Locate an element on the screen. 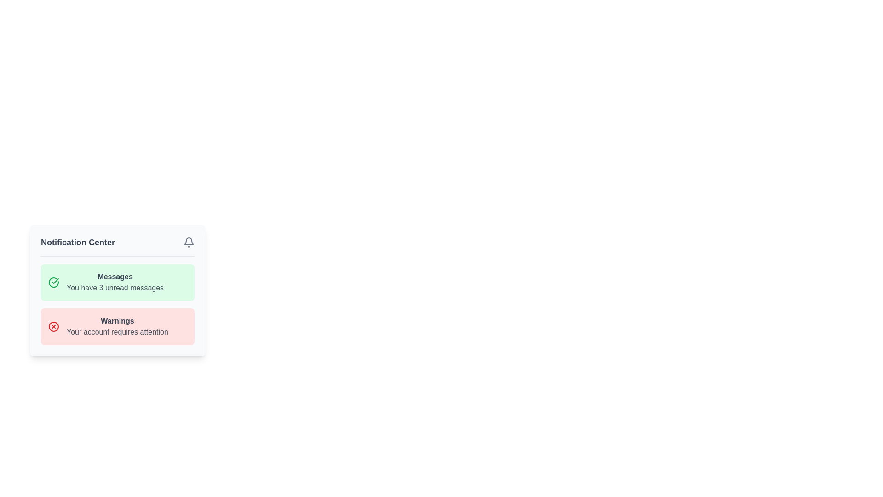 The height and width of the screenshot is (497, 883). the green check-mark icon located to the left of the 'Messages' title in the notification entry, which indicates unread messages is located at coordinates (53, 282).